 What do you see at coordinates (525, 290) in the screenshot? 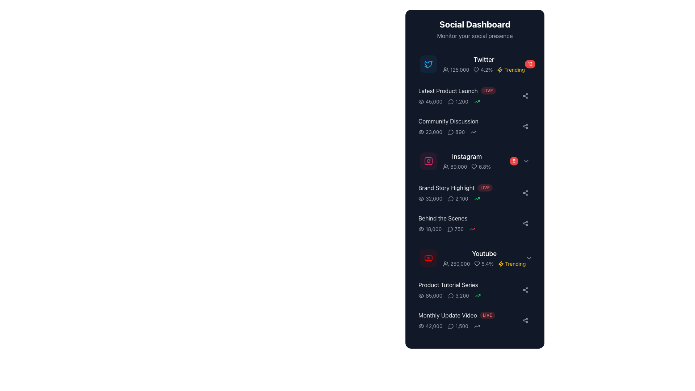
I see `the sharing icon located in the rightmost column of the 'Community Discussion' section` at bounding box center [525, 290].